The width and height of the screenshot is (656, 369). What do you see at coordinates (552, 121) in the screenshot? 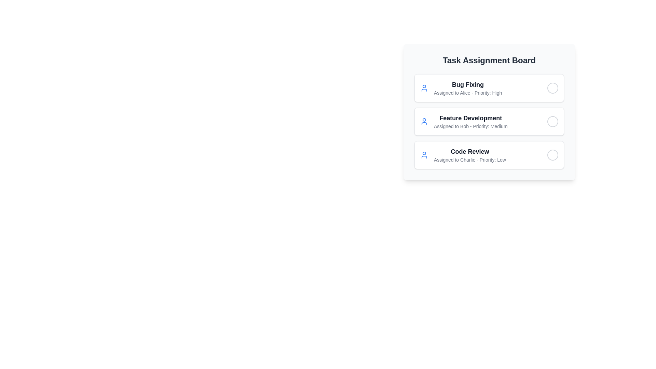
I see `the selection button related to the 'Feature Development' task` at bounding box center [552, 121].